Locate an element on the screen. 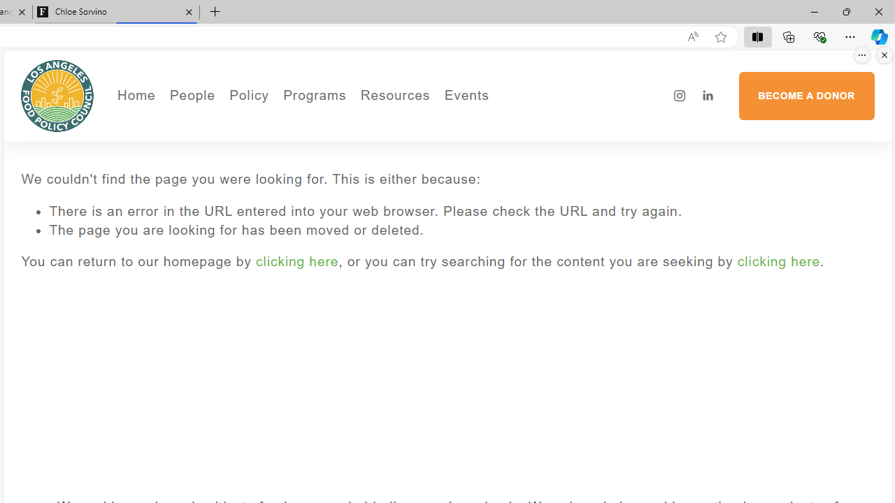 This screenshot has width=895, height=503. 'Programs' is located at coordinates (314, 95).